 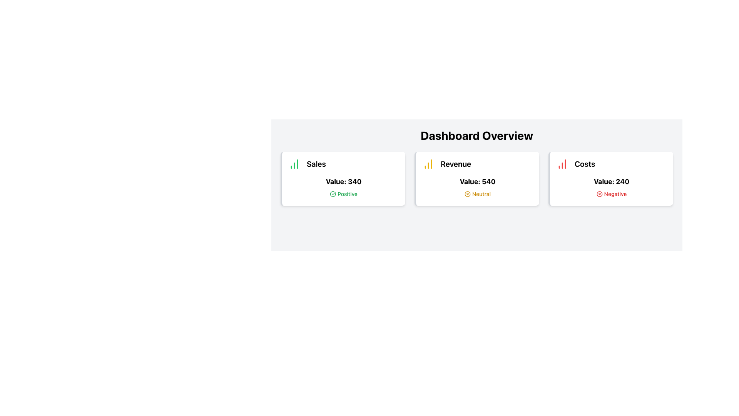 I want to click on the Decorative Label that indicates a neutral sentiment or status, positioned below the bolded text 'Value: 540' in the middle card of a three-column dashboard layout, so click(x=477, y=194).